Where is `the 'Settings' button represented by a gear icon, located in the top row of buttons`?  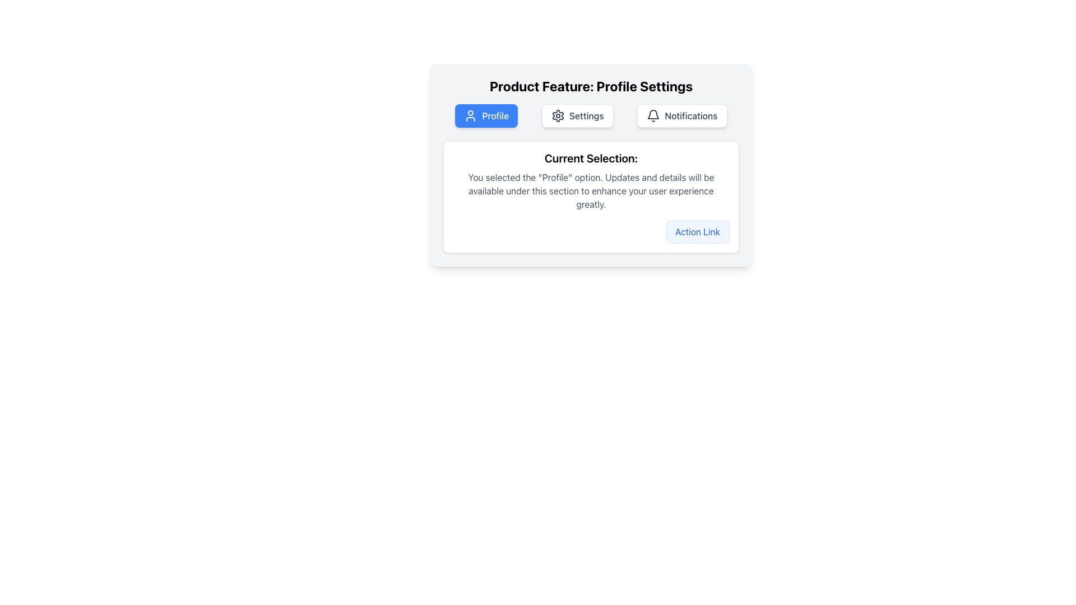
the 'Settings' button represented by a gear icon, located in the top row of buttons is located at coordinates (558, 116).